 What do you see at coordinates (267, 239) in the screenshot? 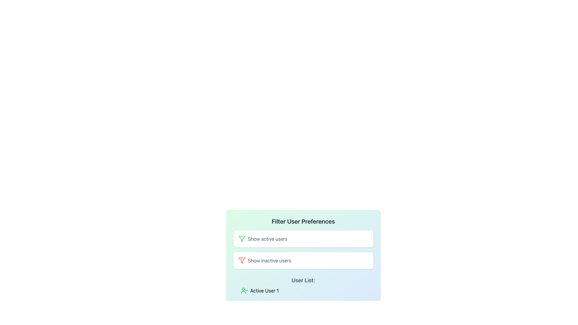
I see `'Show active users' label located in the top portion of the 'Filter User Preferences' panel to understand its function` at bounding box center [267, 239].